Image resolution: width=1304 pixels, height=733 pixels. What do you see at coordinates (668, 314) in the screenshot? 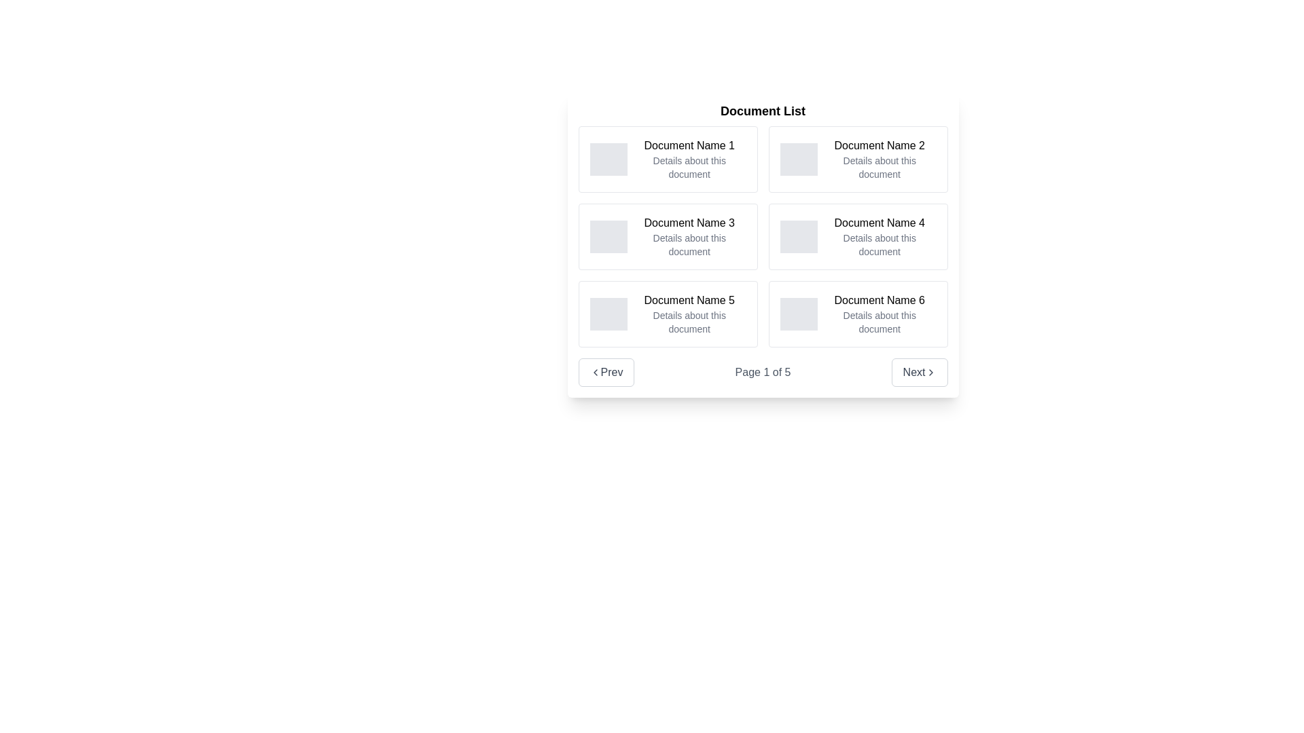
I see `the fifth card component in the bottom-left position of a 2x3 grid layout` at bounding box center [668, 314].